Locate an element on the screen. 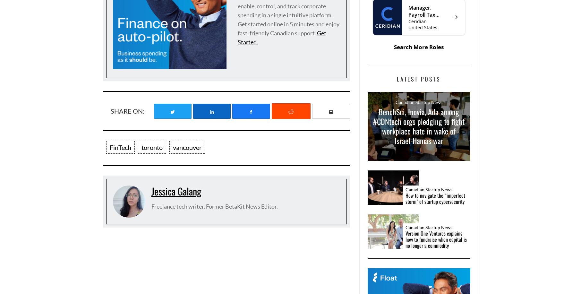  'Freelance tech writer. Former BetaKit News Editor.' is located at coordinates (214, 206).